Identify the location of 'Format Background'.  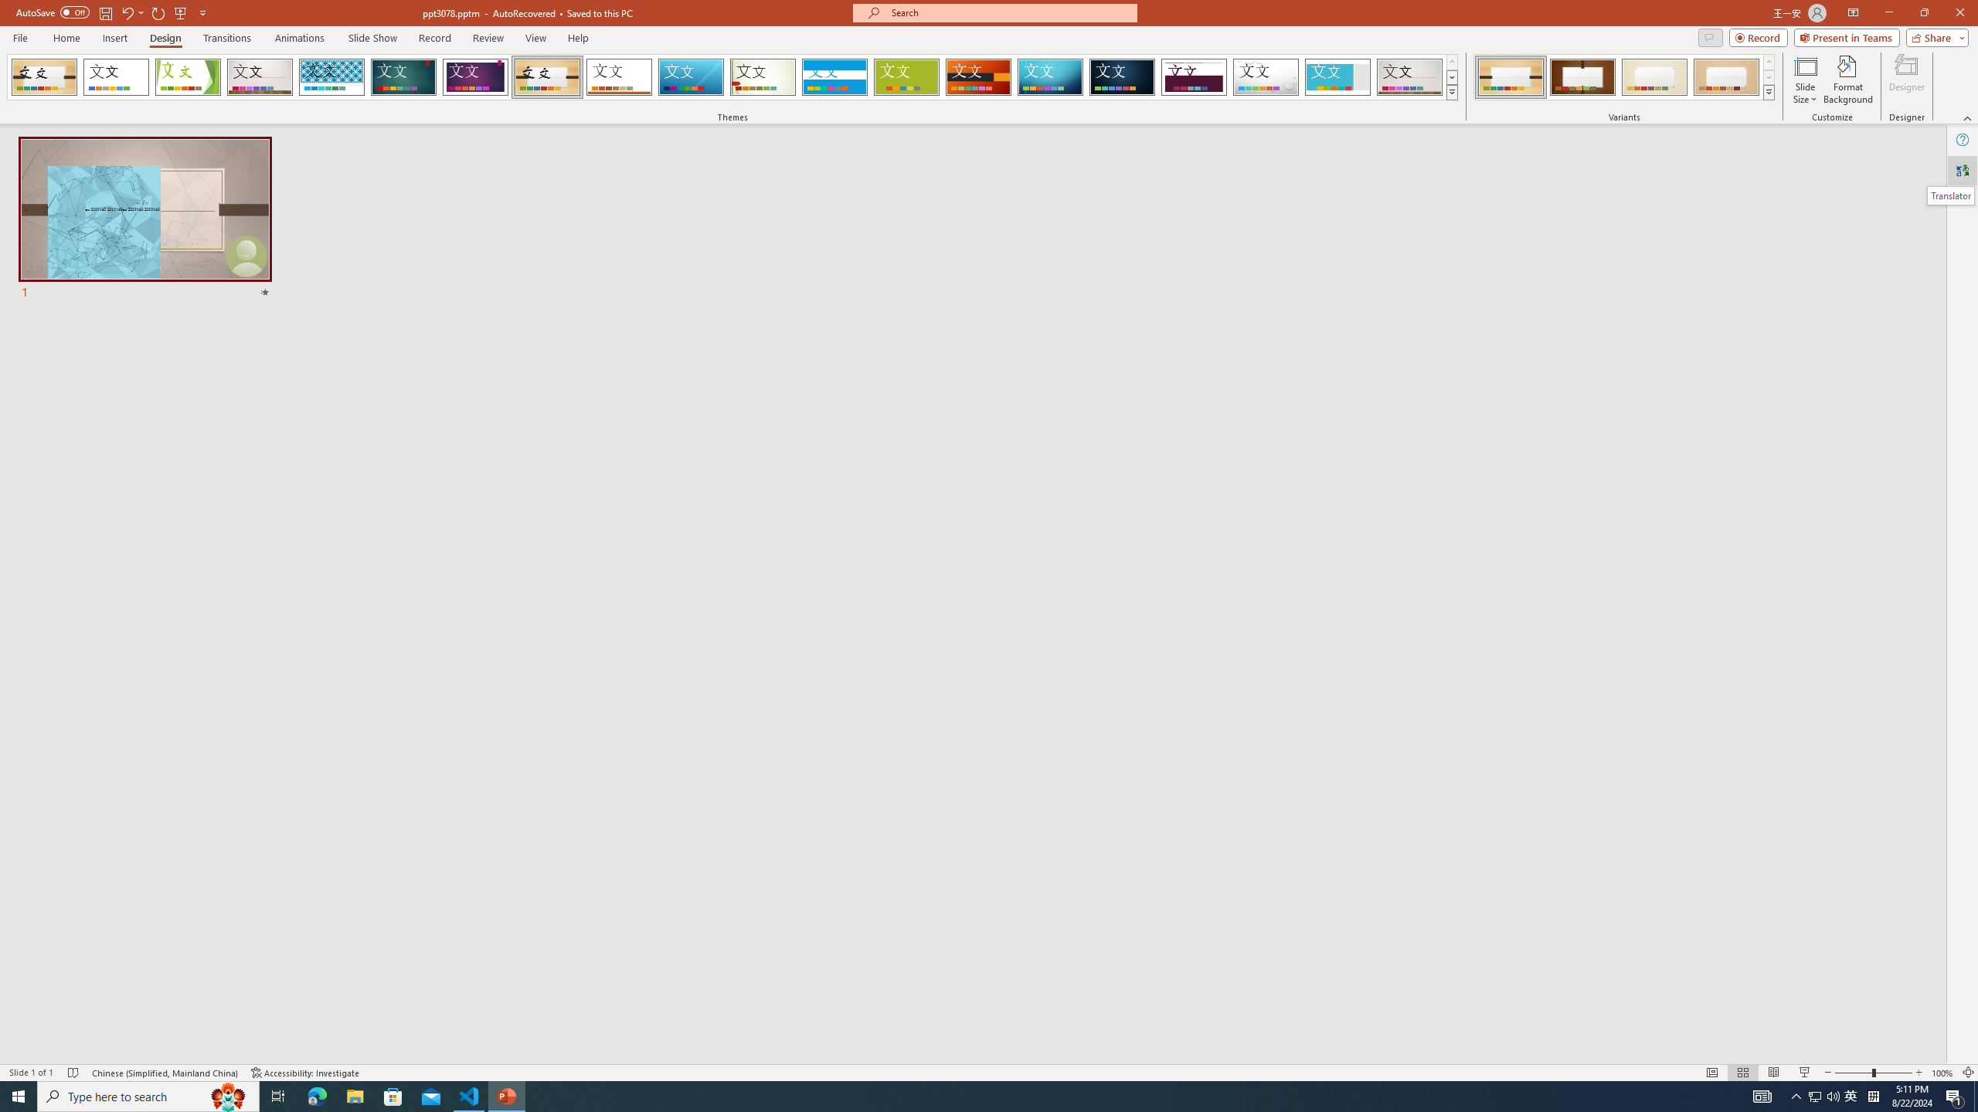
(1848, 80).